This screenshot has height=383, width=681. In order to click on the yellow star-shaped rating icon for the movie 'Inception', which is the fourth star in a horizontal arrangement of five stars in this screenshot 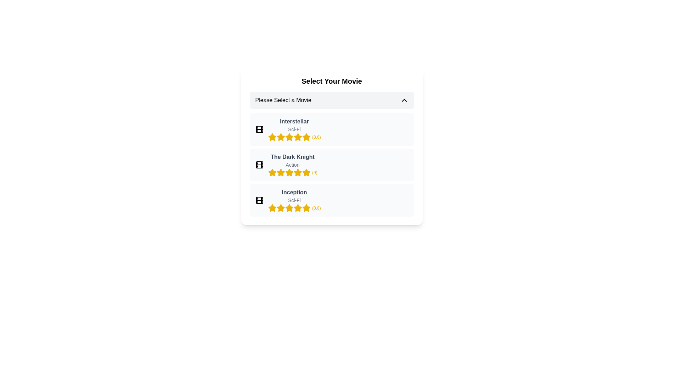, I will do `click(289, 207)`.